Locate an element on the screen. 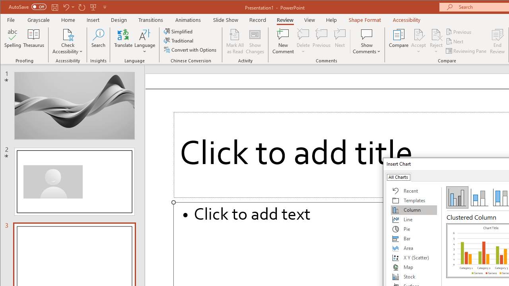 The height and width of the screenshot is (286, 509). 'Convert with Options...' is located at coordinates (191, 50).